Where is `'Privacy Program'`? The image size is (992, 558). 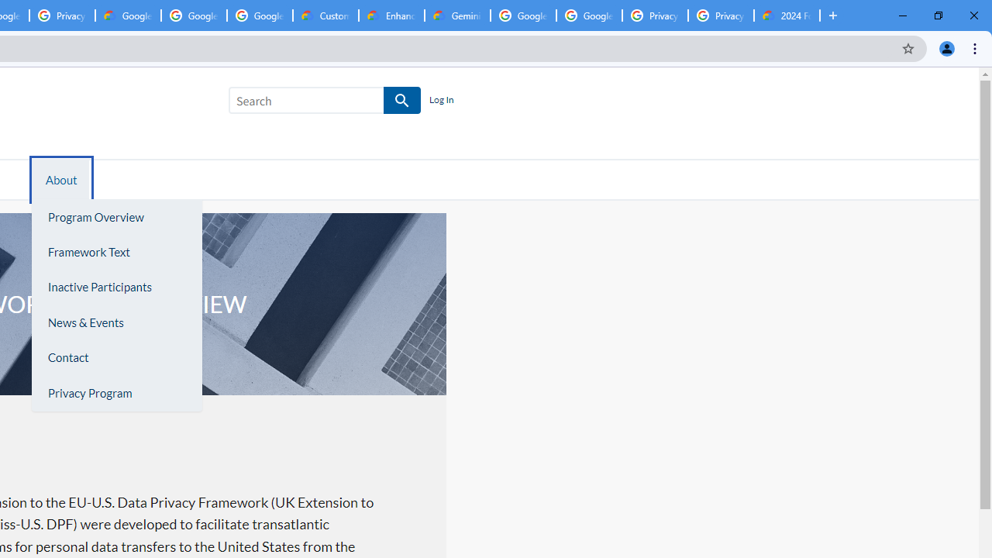 'Privacy Program' is located at coordinates (115, 392).